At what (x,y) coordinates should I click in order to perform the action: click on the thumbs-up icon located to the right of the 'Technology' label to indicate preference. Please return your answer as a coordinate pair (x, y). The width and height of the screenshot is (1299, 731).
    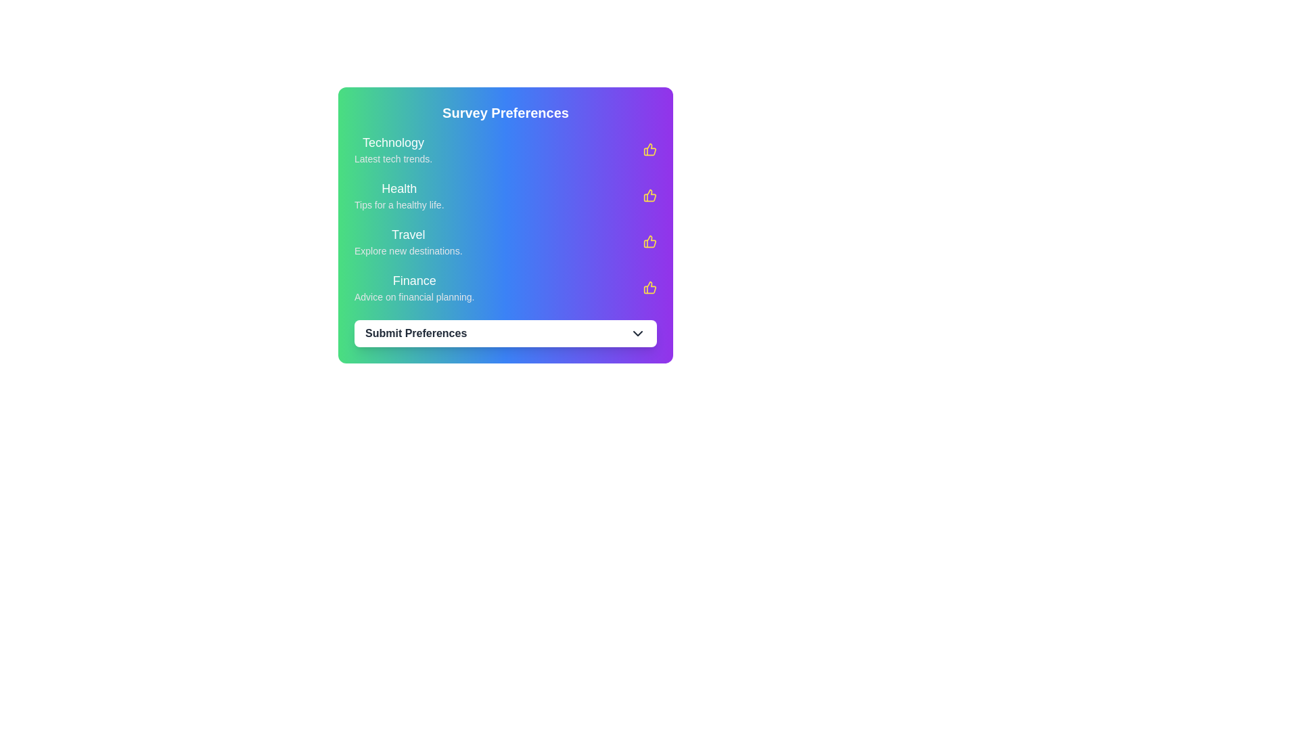
    Looking at the image, I should click on (639, 149).